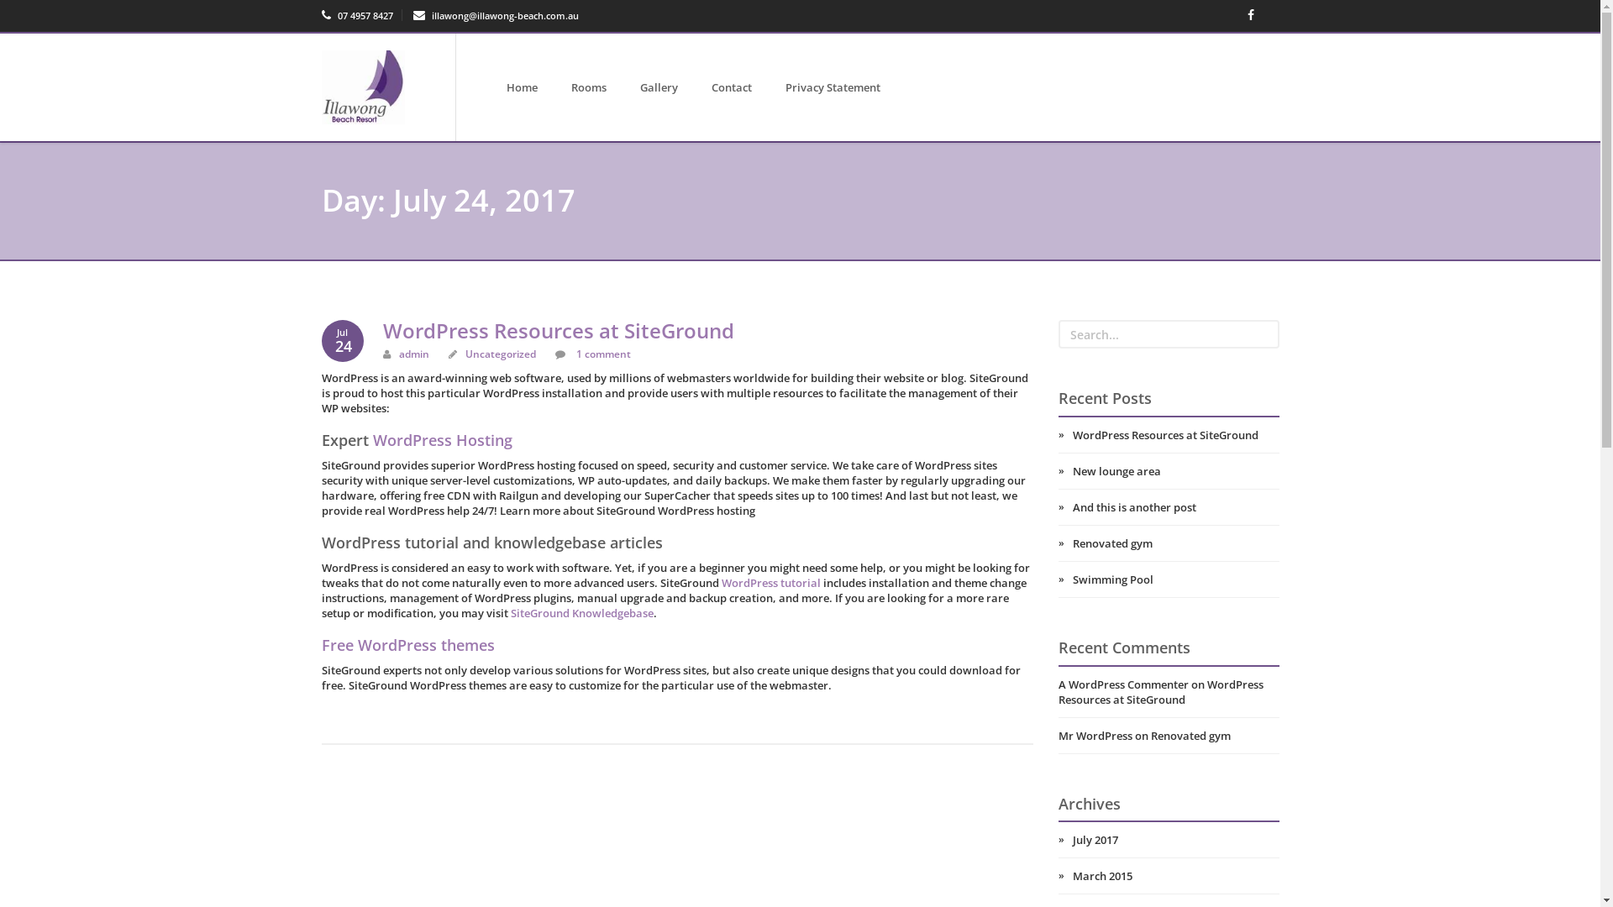 The width and height of the screenshot is (1613, 907). I want to click on 'Gallery', so click(658, 87).